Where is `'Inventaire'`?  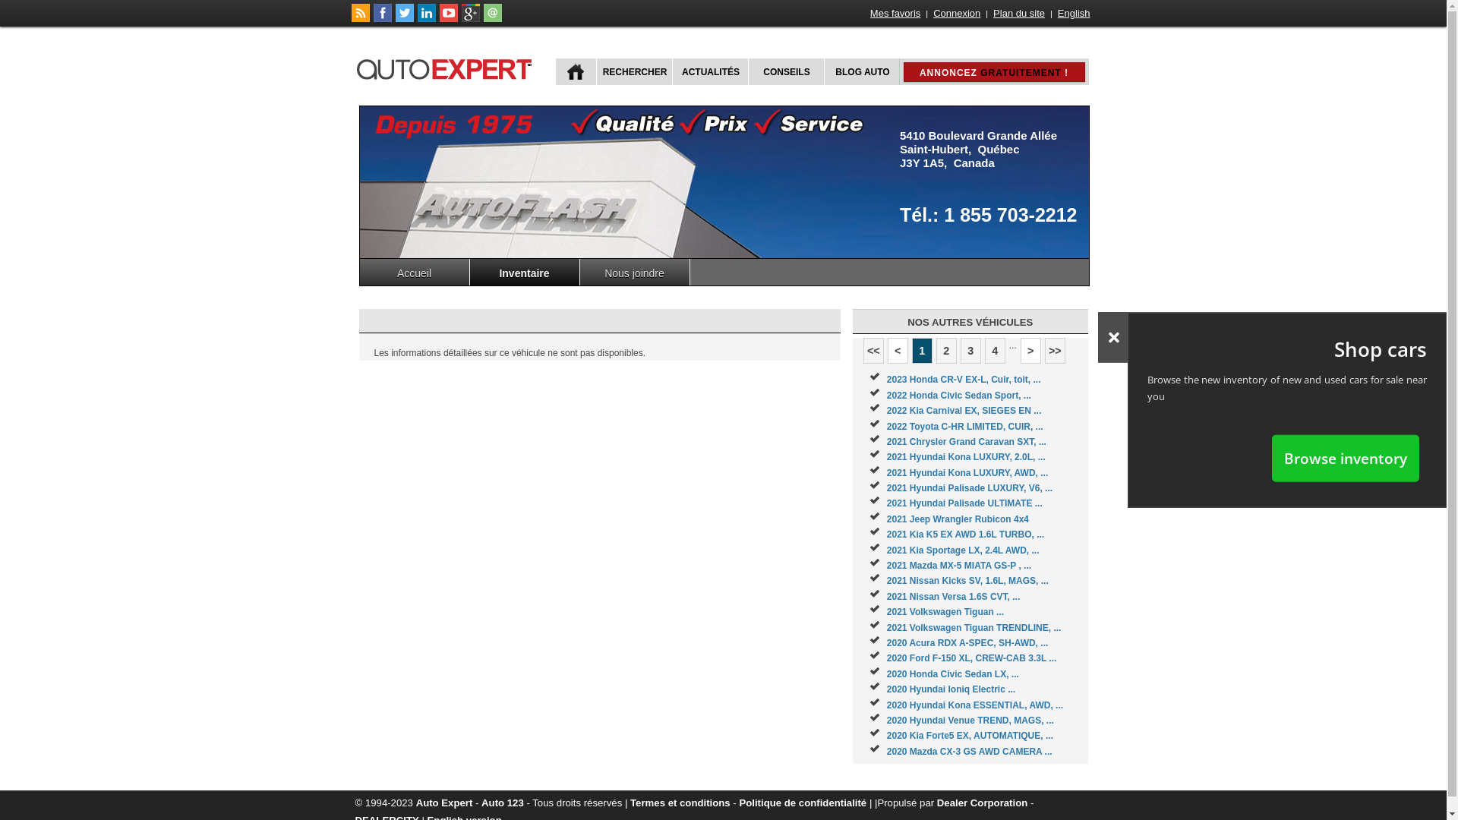 'Inventaire' is located at coordinates (524, 271).